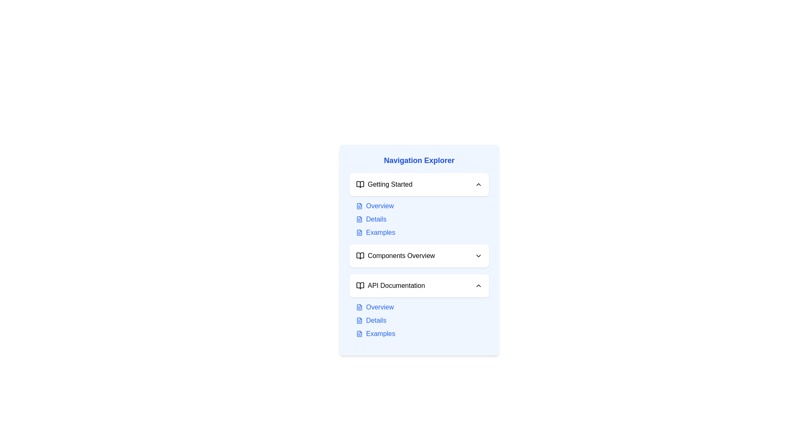 The width and height of the screenshot is (797, 448). Describe the element at coordinates (359, 206) in the screenshot. I see `the document icon located in the central region of the interface, which is part of a vertically structured group of SVG elements` at that location.